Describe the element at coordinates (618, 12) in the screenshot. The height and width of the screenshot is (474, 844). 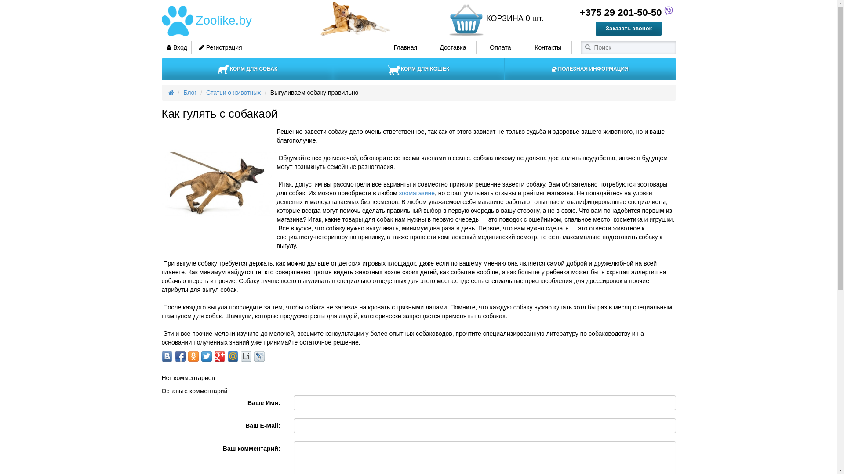
I see `'+375 29 201-50-50'` at that location.